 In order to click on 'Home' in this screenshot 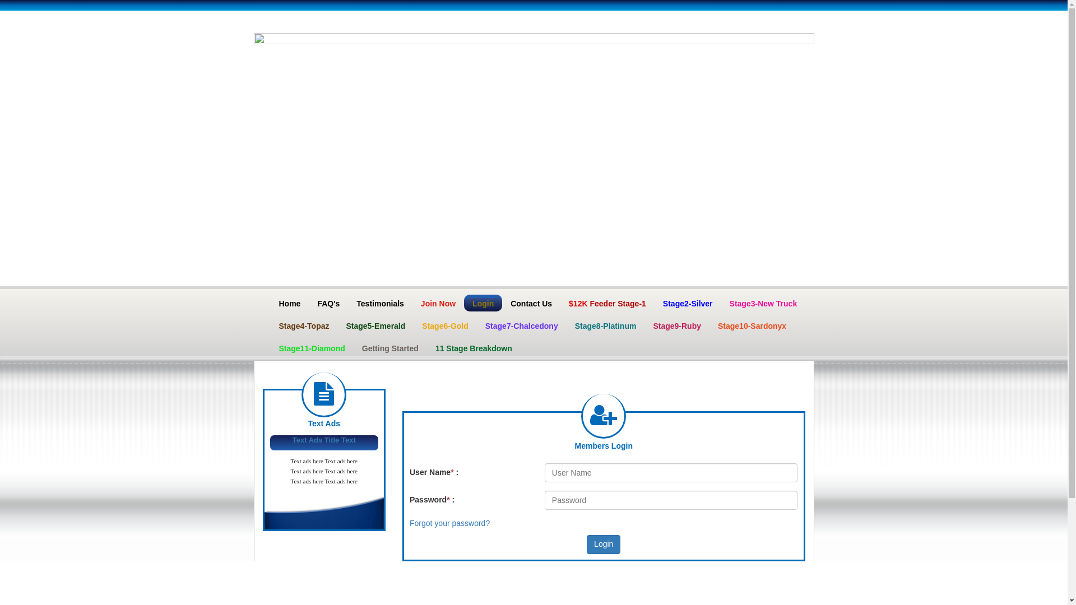, I will do `click(270, 302)`.